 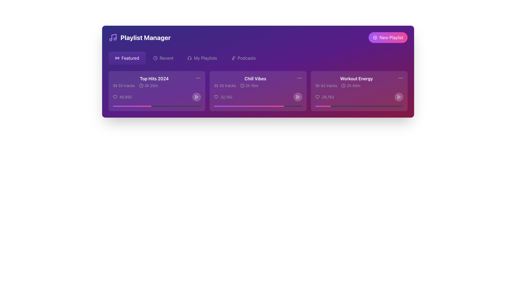 What do you see at coordinates (242, 85) in the screenshot?
I see `the clock icon representing the duration of the 'Chill Vibes' playlist, located near the text '2h 15m'` at bounding box center [242, 85].